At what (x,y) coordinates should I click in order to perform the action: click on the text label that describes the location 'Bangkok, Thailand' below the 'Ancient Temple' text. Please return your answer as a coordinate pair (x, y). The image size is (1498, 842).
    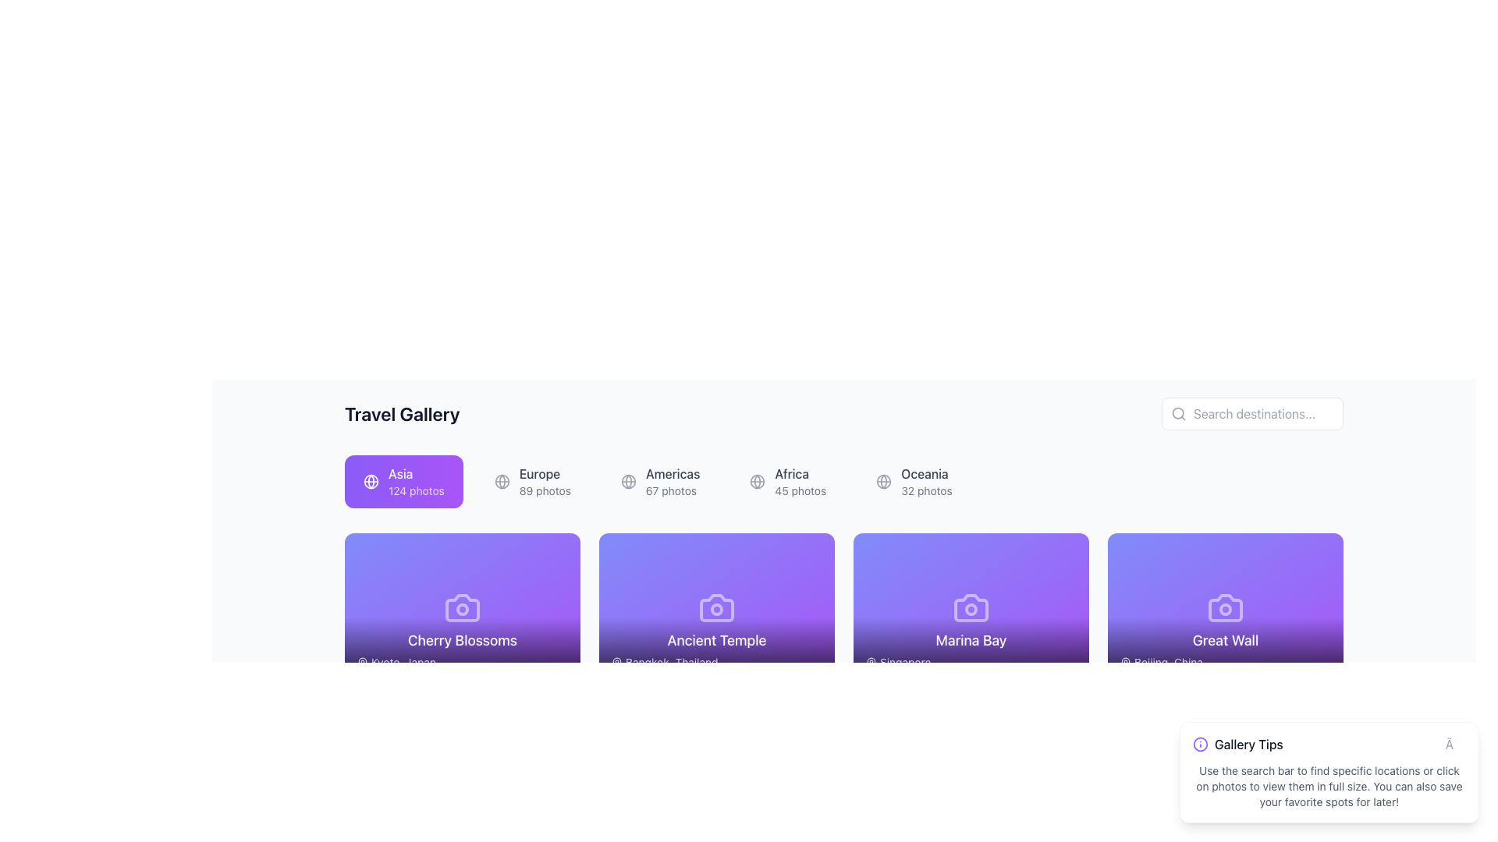
    Looking at the image, I should click on (715, 662).